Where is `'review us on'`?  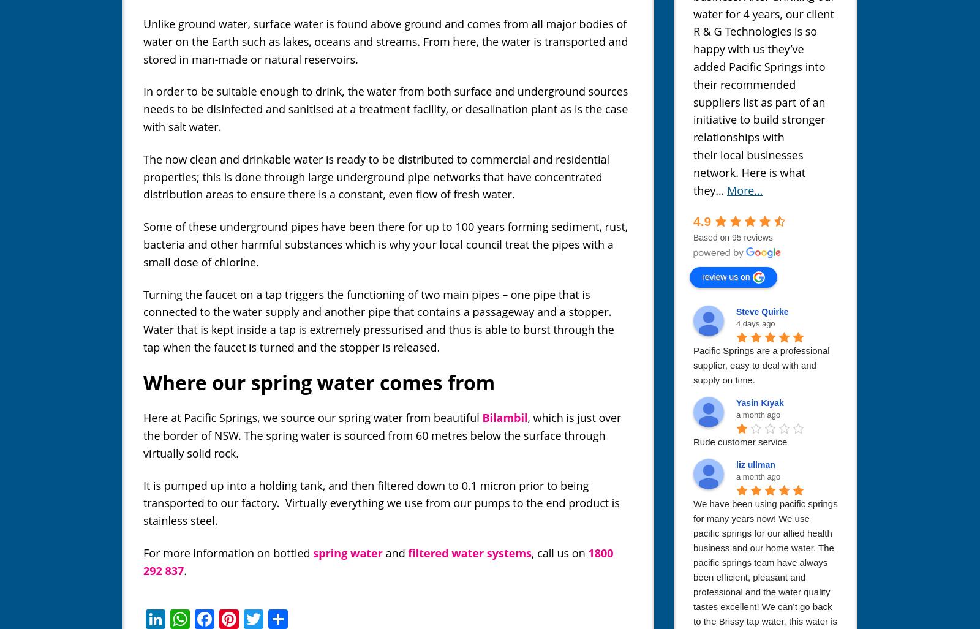
'review us on' is located at coordinates (702, 275).